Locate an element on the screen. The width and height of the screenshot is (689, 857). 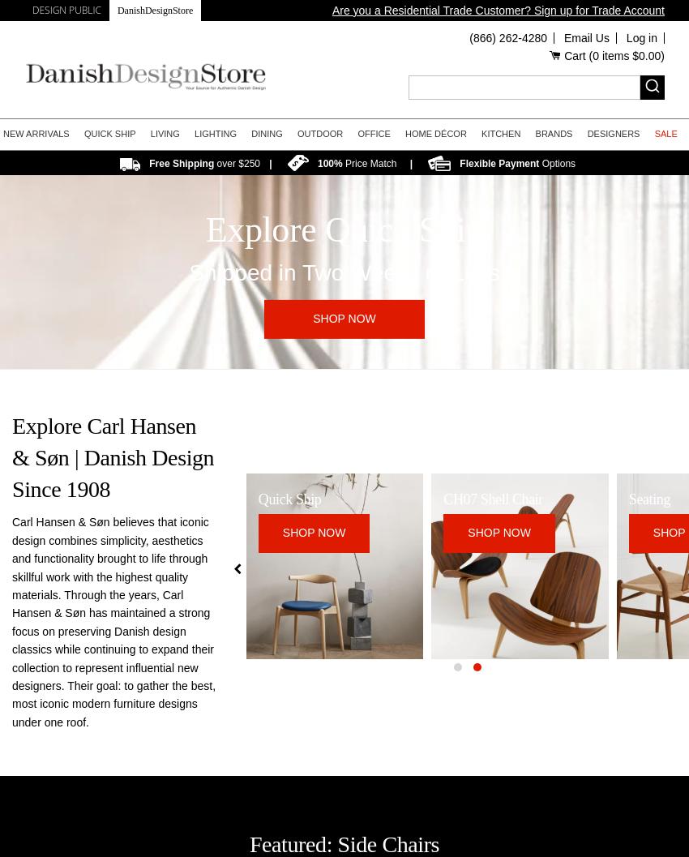
'Price Match' is located at coordinates (369, 163).